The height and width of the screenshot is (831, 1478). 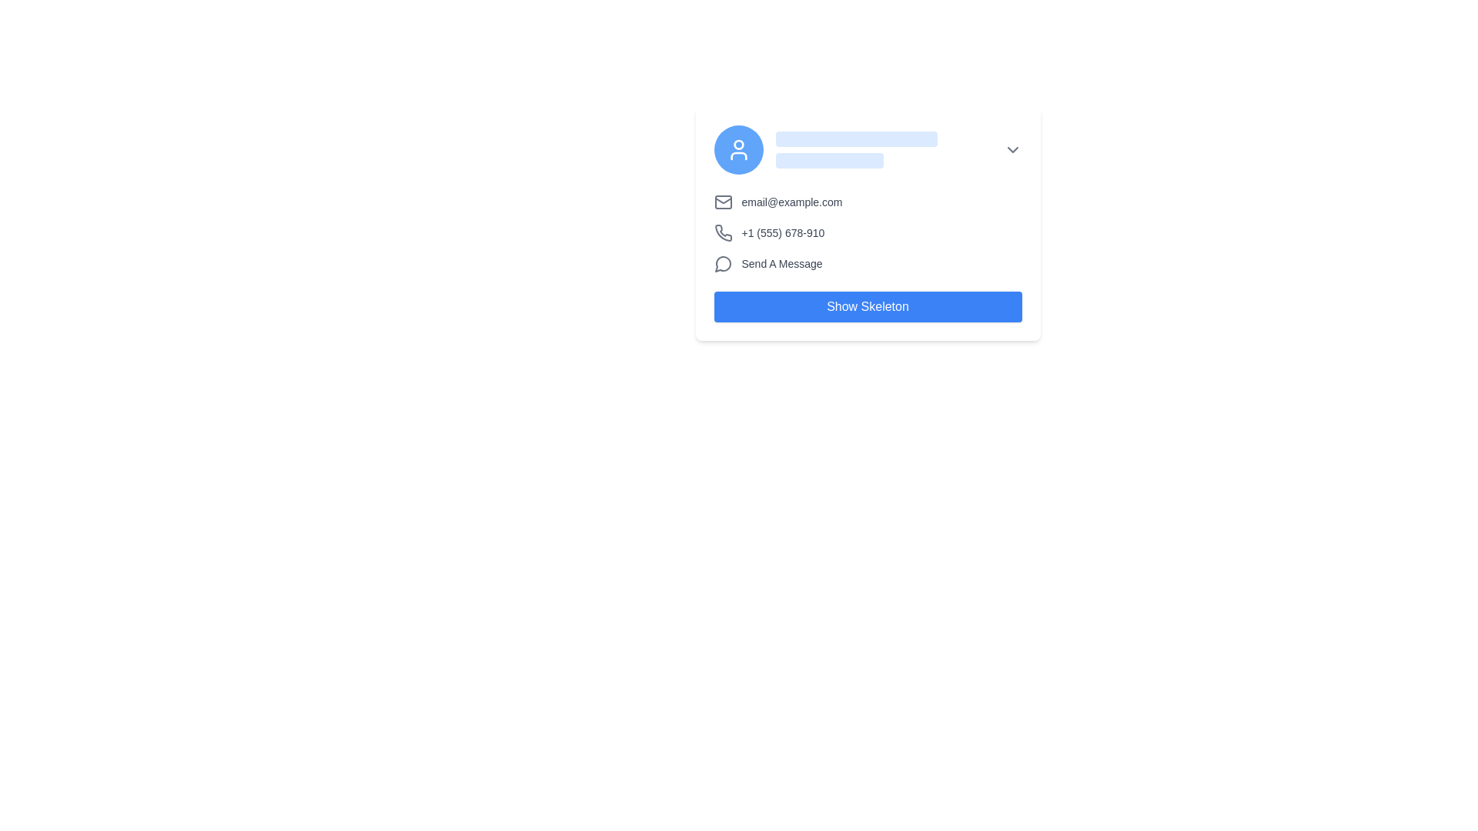 What do you see at coordinates (722, 263) in the screenshot?
I see `the messaging icon located at the start of the 'Send A Message' section, which is positioned in the lower-middle section of the visible card` at bounding box center [722, 263].